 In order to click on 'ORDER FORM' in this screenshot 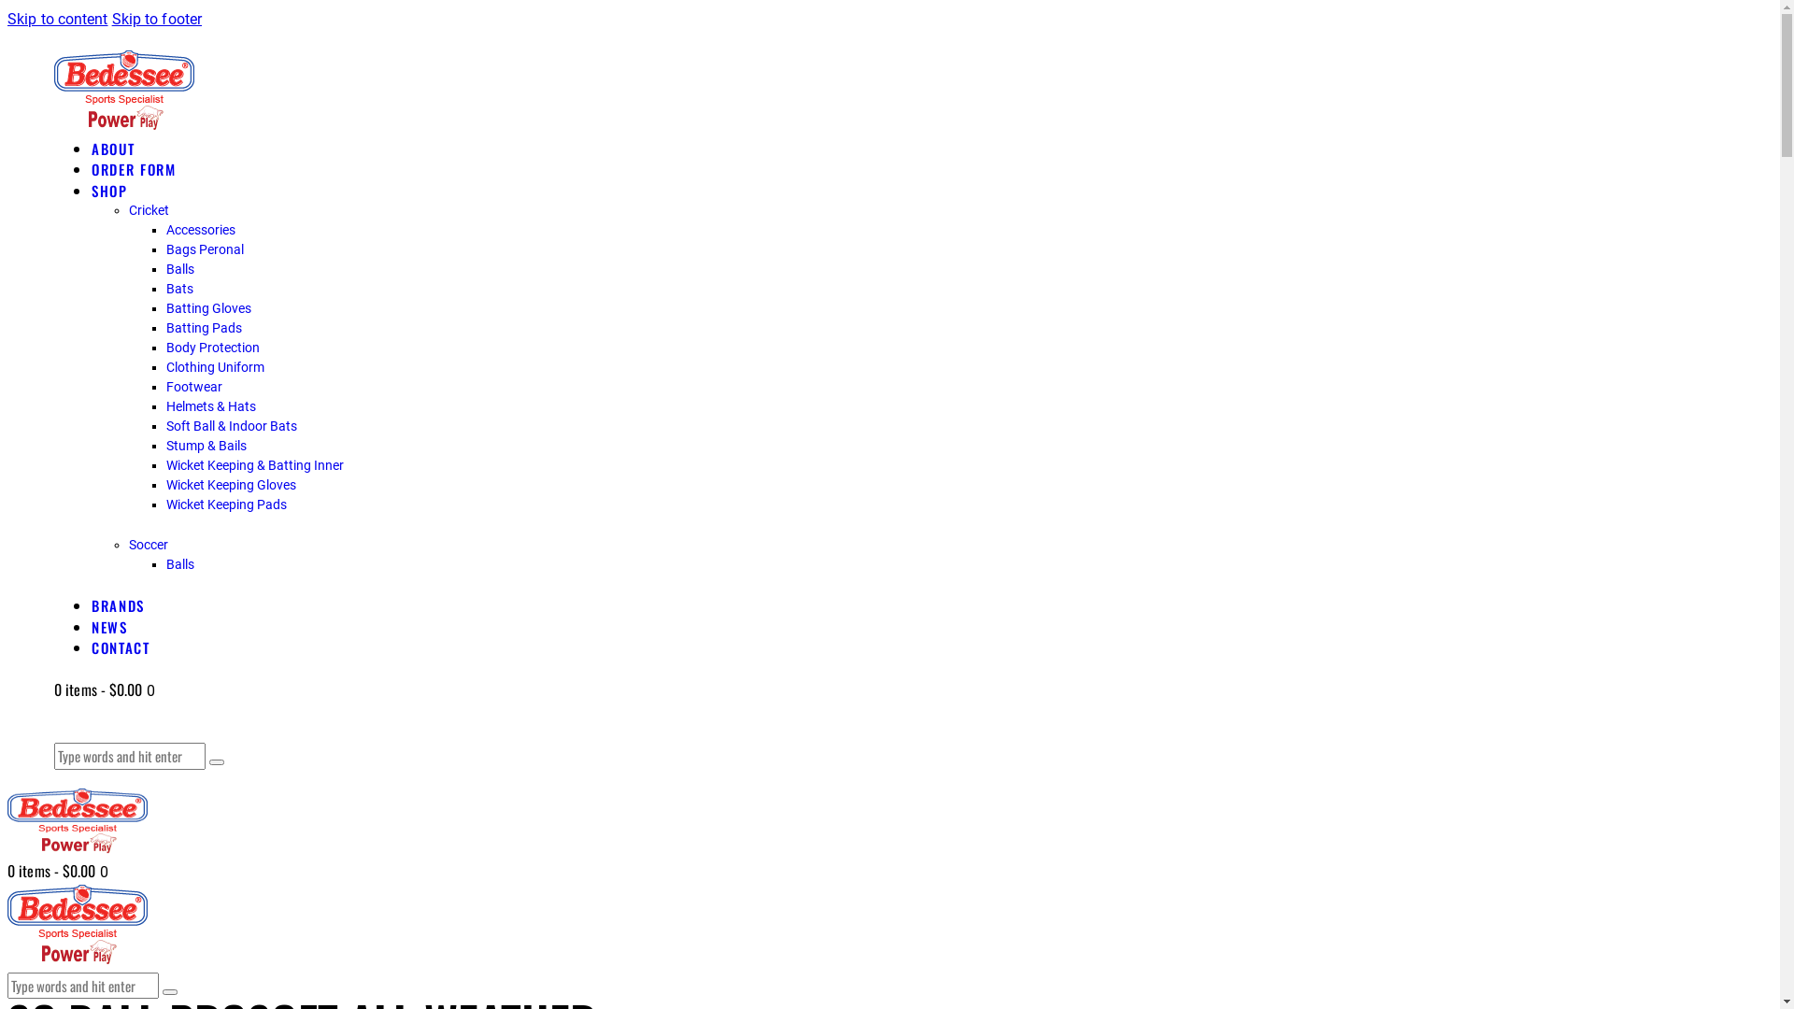, I will do `click(133, 169)`.